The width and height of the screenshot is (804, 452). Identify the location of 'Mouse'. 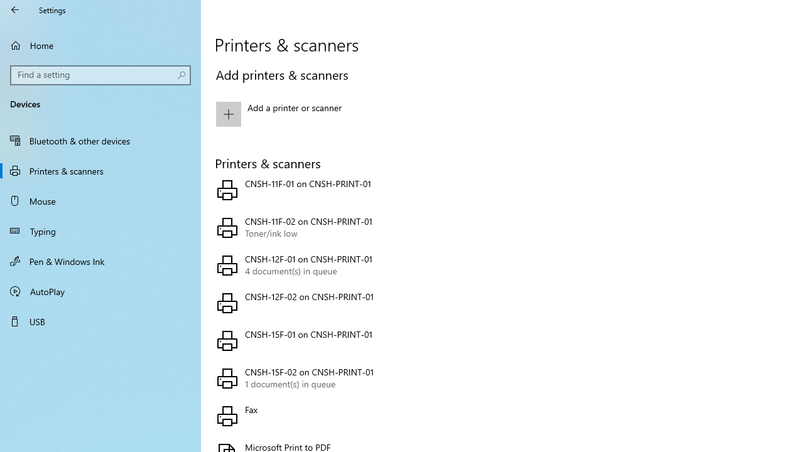
(100, 200).